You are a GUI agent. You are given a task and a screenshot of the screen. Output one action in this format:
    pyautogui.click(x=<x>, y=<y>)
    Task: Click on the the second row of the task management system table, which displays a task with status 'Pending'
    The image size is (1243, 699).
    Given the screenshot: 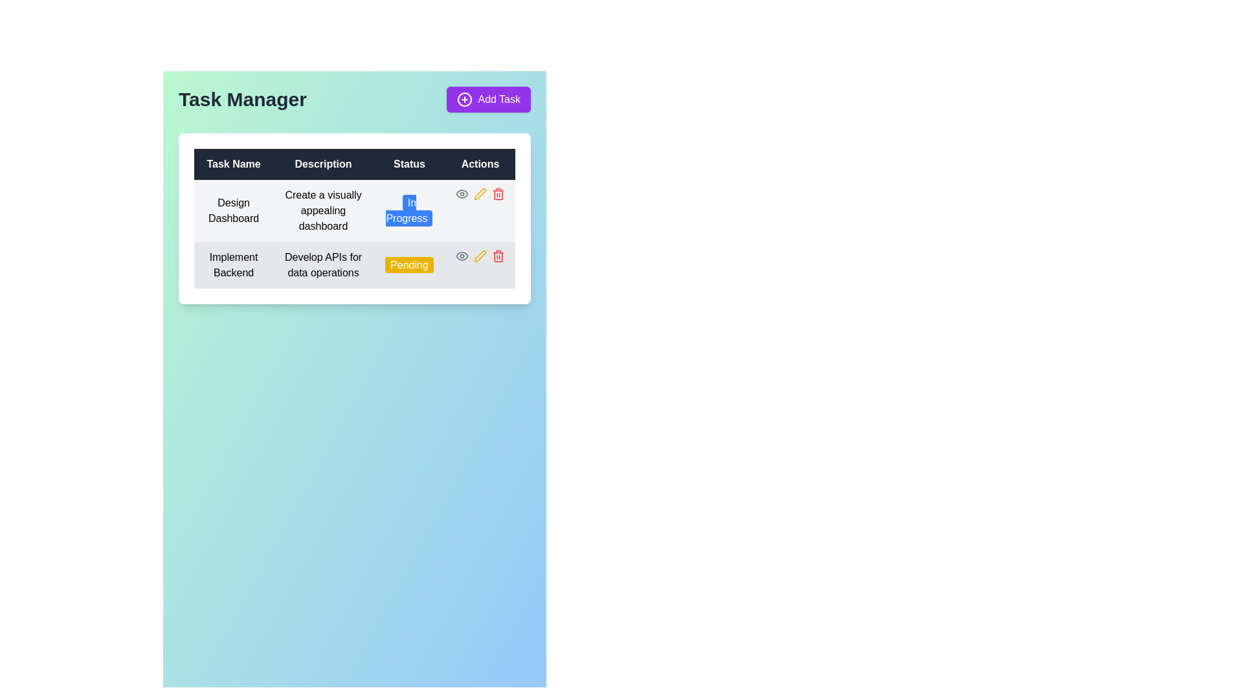 What is the action you would take?
    pyautogui.click(x=354, y=264)
    